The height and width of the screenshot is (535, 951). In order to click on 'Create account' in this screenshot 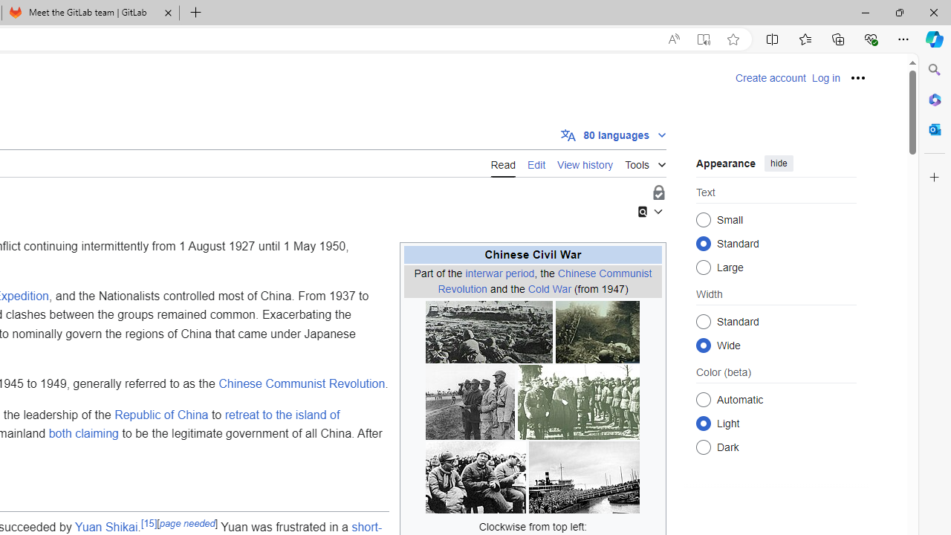, I will do `click(770, 78)`.